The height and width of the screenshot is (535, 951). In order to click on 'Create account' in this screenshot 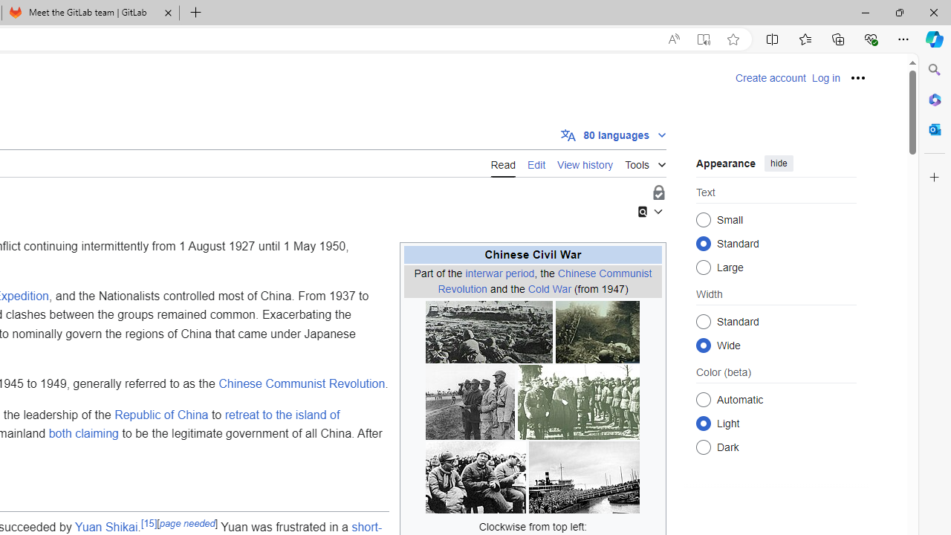, I will do `click(770, 78)`.